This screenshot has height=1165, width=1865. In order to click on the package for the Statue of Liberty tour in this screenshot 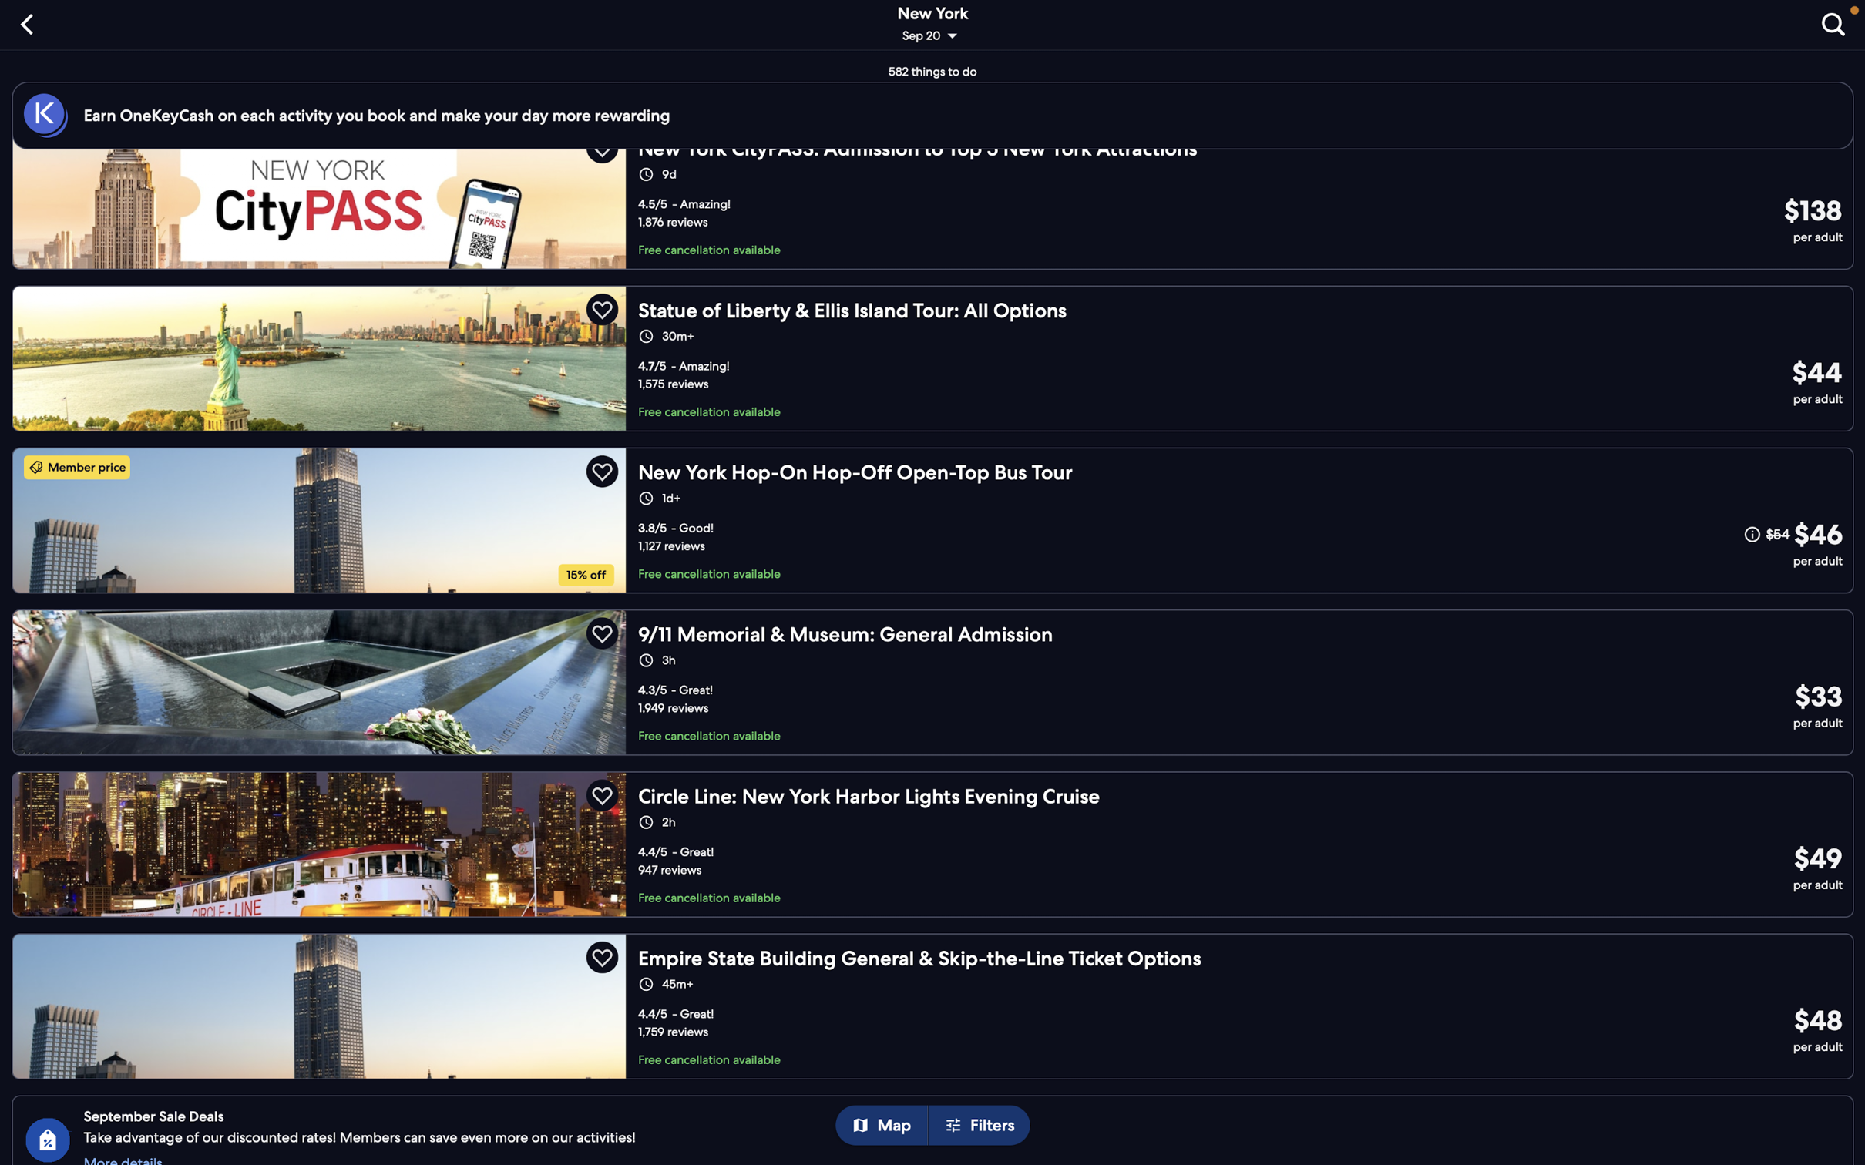, I will do `click(934, 355)`.